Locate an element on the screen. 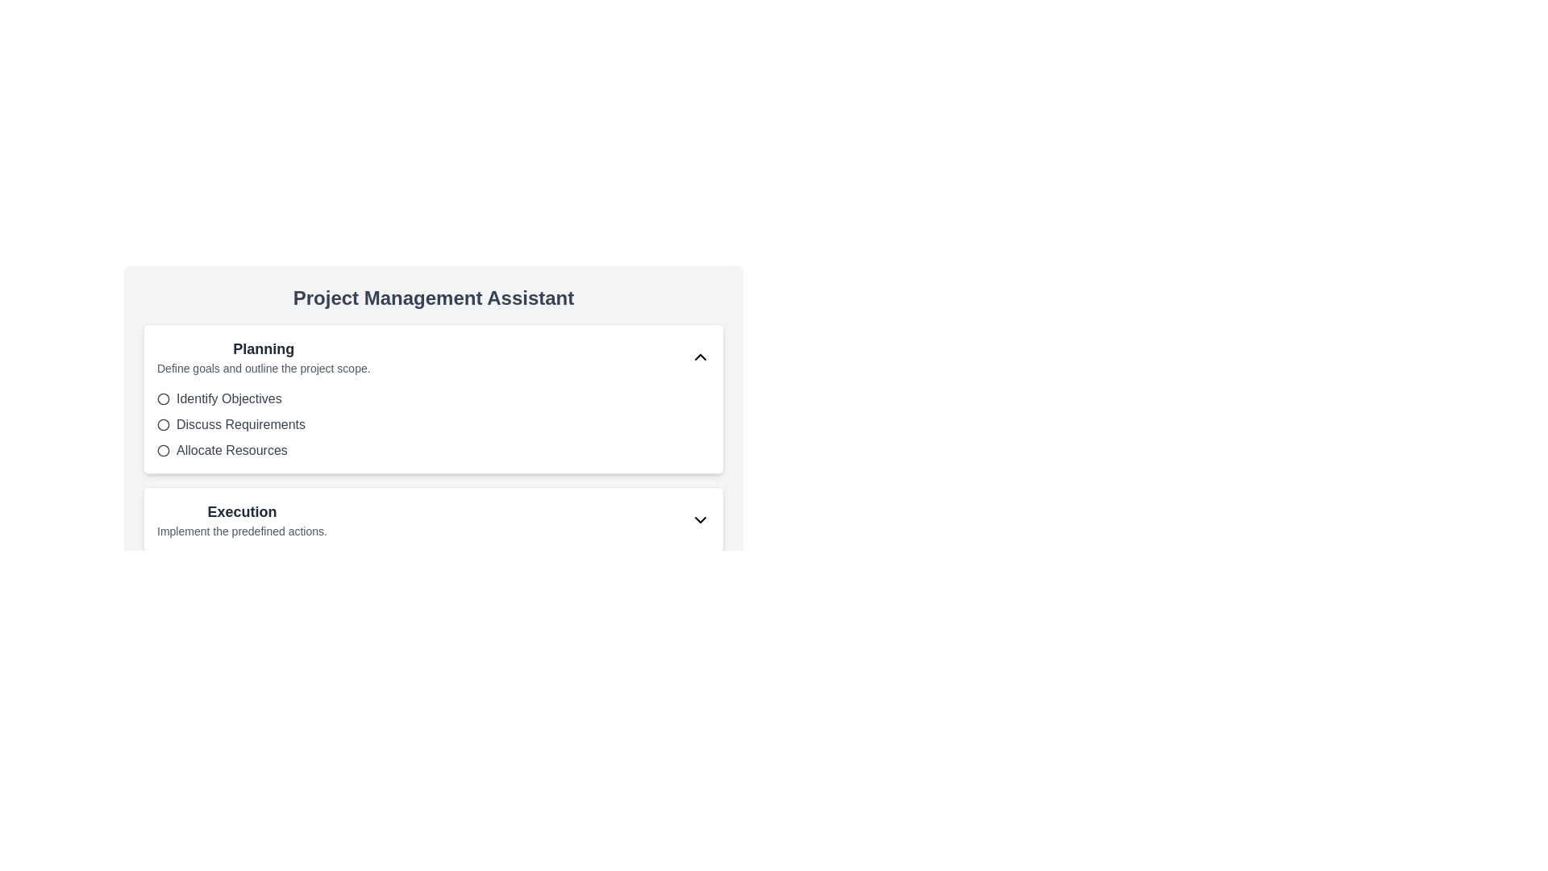 Image resolution: width=1548 pixels, height=871 pixels. the text label reading 'Allocate Resources', which is the third option in the list under the 'Planning' section is located at coordinates (231, 451).